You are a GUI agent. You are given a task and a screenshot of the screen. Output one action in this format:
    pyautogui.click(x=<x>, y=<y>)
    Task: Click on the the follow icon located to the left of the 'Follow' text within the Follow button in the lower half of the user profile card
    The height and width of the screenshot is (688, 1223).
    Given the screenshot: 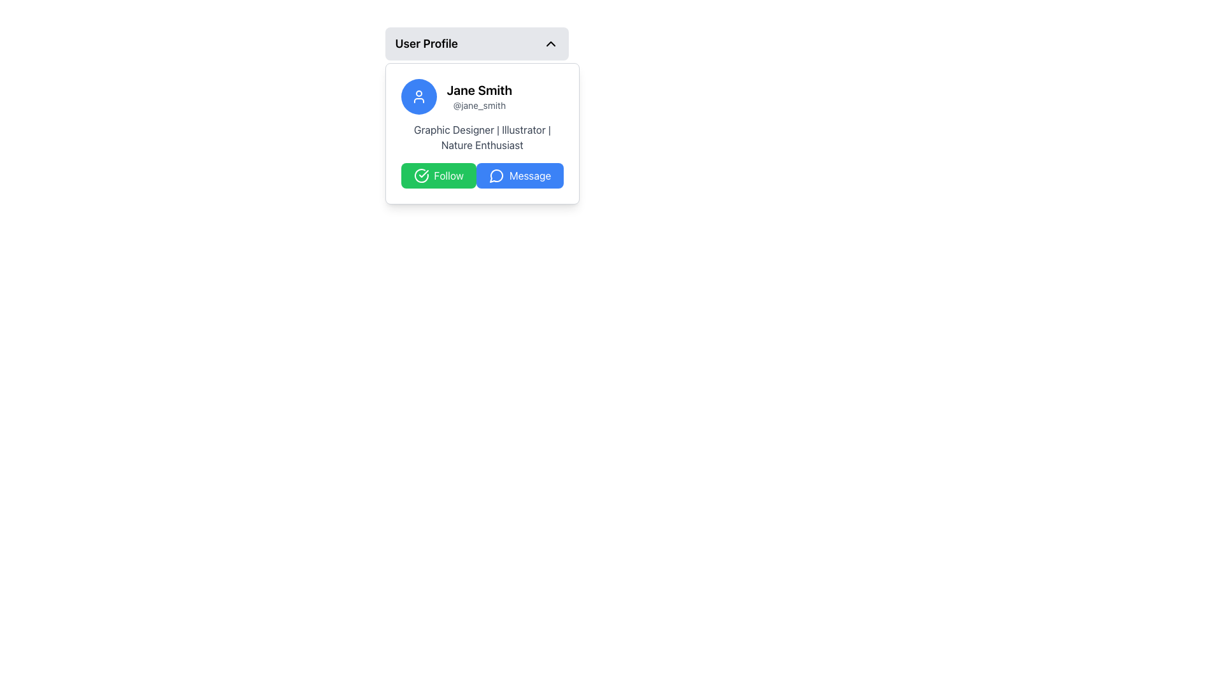 What is the action you would take?
    pyautogui.click(x=421, y=176)
    